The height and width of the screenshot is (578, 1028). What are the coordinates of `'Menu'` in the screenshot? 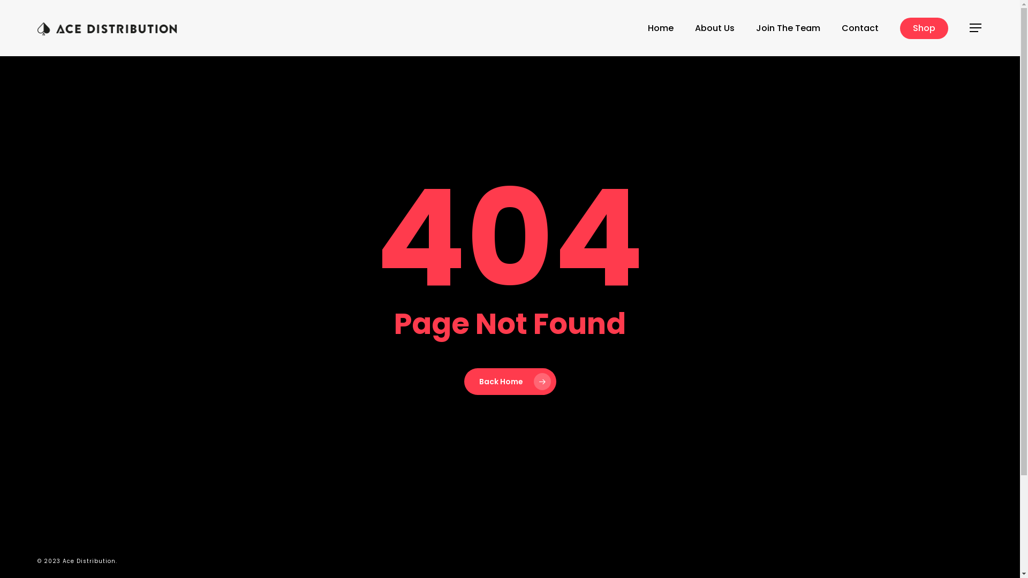 It's located at (976, 27).